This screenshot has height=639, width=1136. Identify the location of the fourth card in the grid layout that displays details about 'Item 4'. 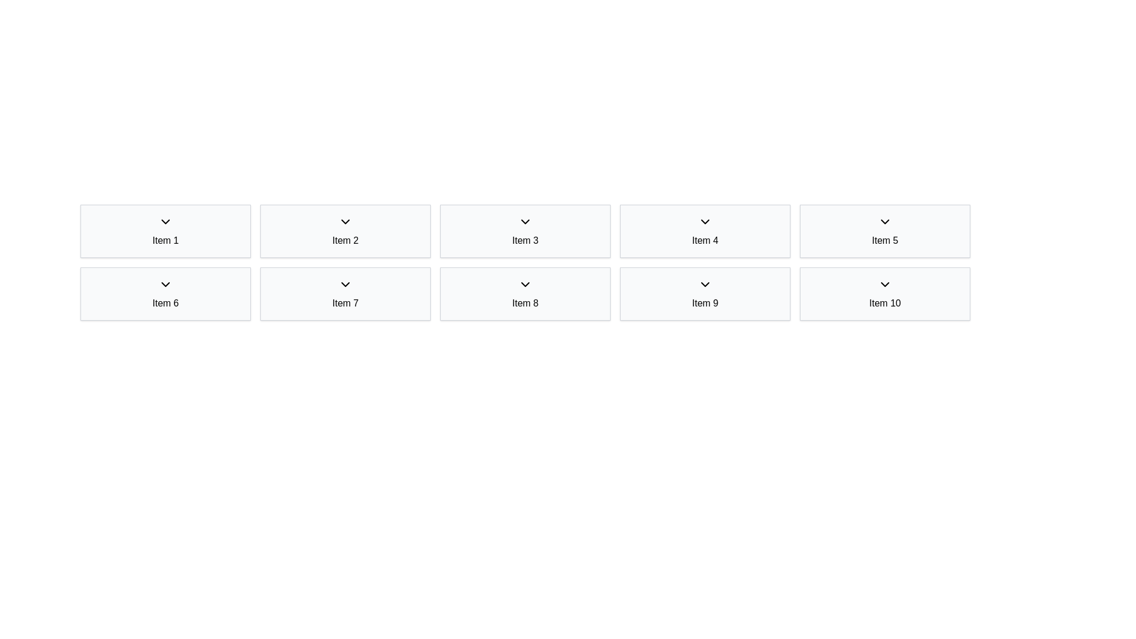
(705, 231).